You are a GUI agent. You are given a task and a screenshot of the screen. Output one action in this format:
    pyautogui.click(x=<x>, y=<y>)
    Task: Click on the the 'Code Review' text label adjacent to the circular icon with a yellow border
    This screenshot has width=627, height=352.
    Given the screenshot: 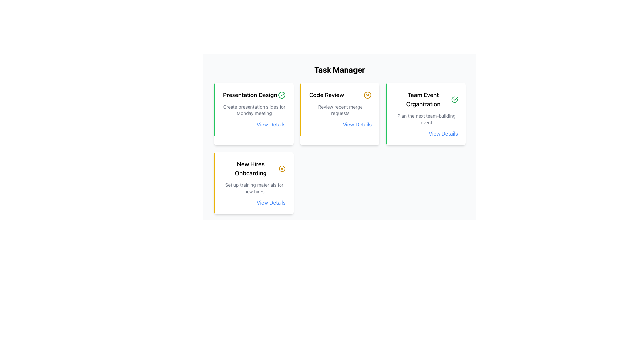 What is the action you would take?
    pyautogui.click(x=340, y=95)
    